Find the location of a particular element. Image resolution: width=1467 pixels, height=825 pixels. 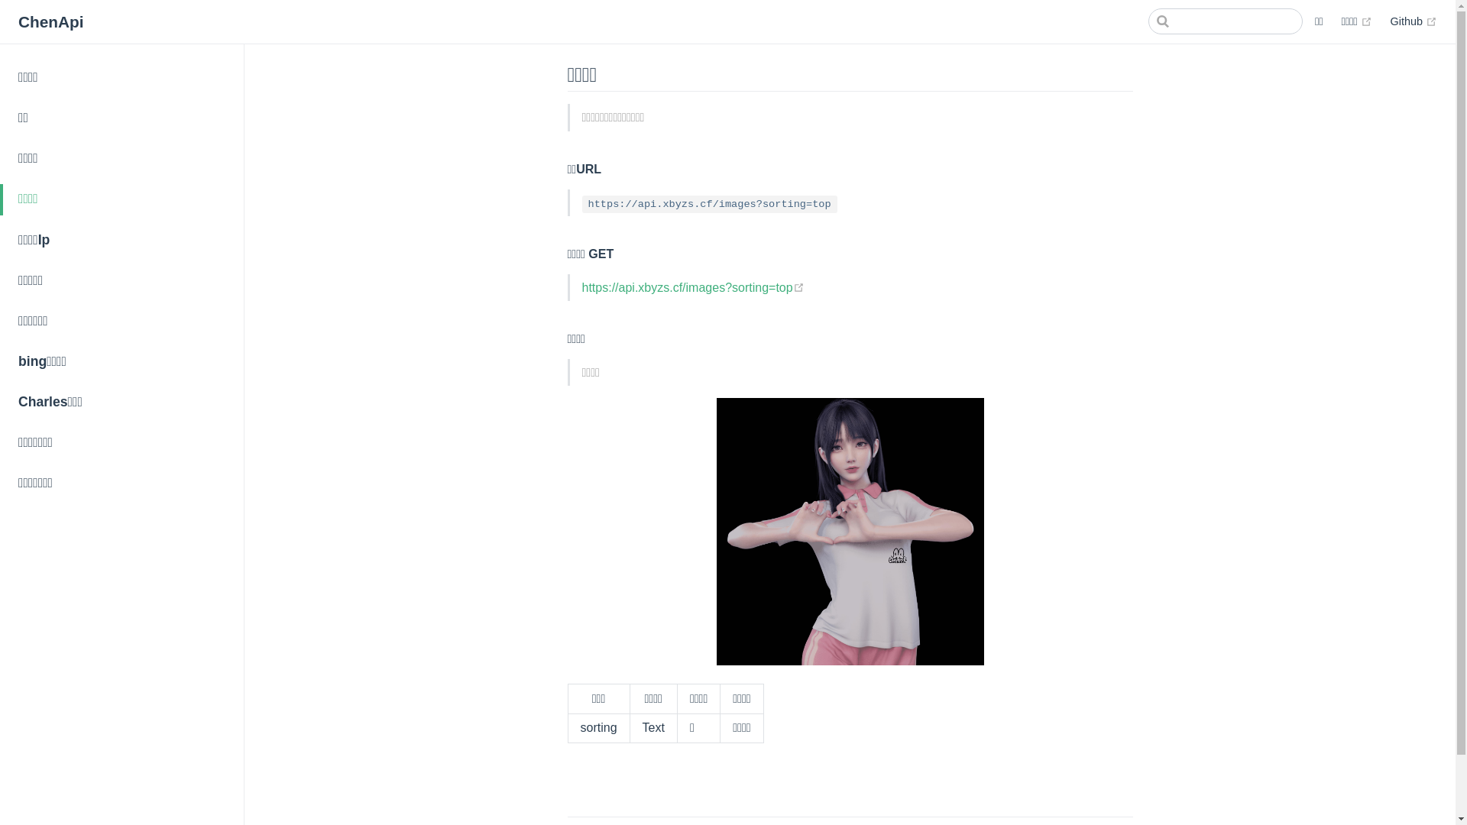

'Github is located at coordinates (1390, 21).